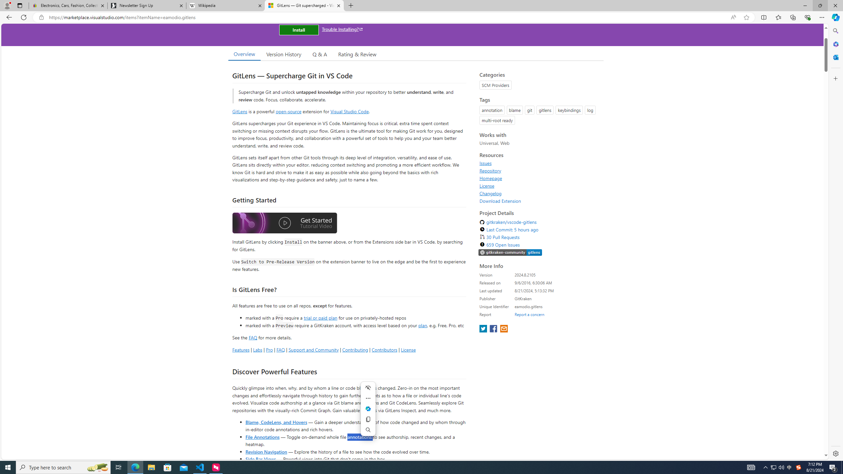  Describe the element at coordinates (368, 412) in the screenshot. I see `'Mini menu on text selection'` at that location.